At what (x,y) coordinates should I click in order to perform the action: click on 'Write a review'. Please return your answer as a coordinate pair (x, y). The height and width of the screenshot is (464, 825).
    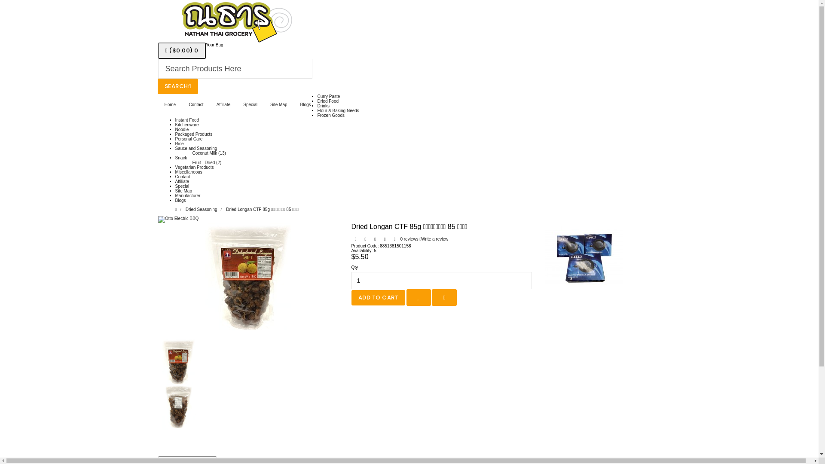
    Looking at the image, I should click on (419, 239).